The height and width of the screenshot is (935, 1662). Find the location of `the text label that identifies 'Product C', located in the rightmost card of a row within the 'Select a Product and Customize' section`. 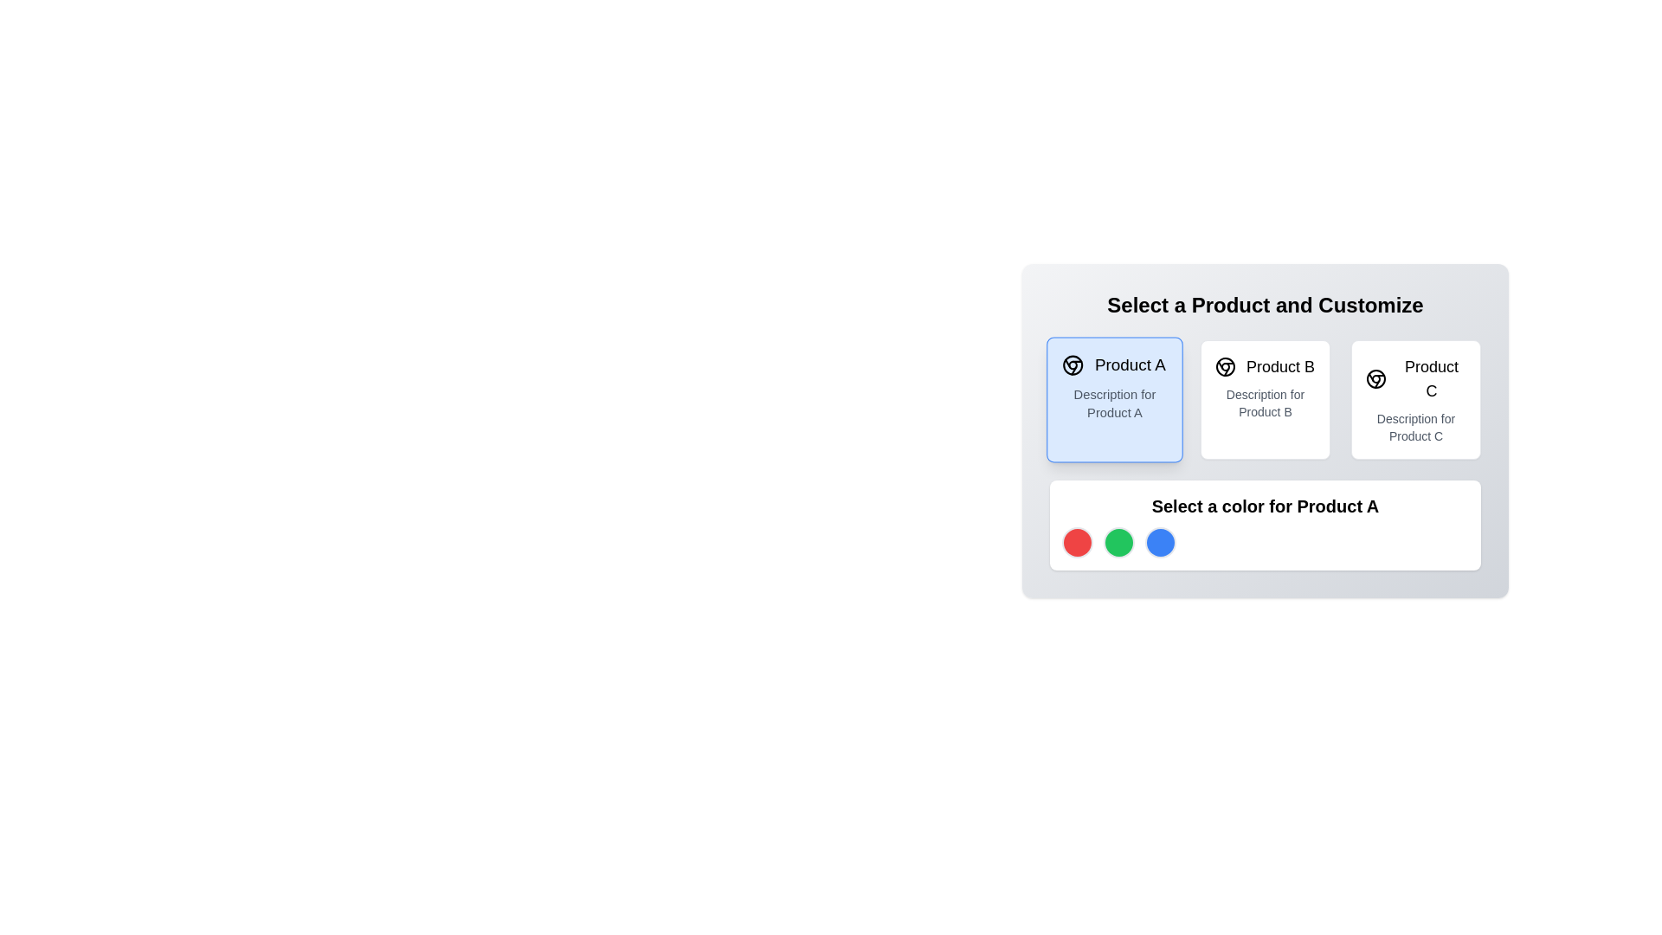

the text label that identifies 'Product C', located in the rightmost card of a row within the 'Select a Product and Customize' section is located at coordinates (1416, 378).